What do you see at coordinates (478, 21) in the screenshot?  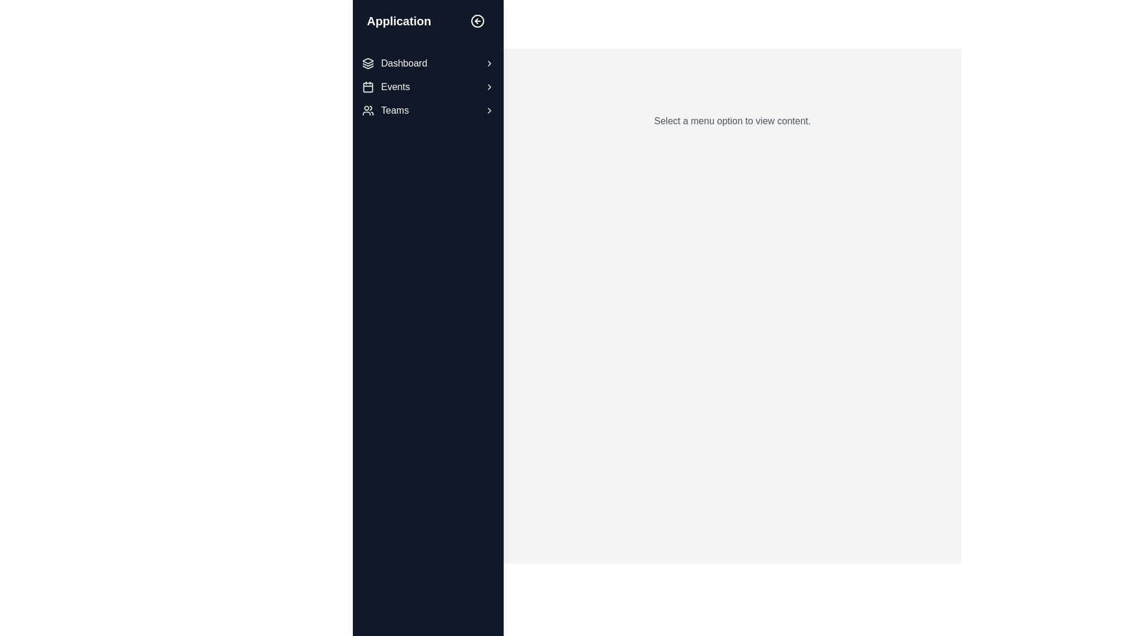 I see `the circular interactive icon with a light arrow pointing left, located in the upper toolbar of the left navigation panel, adjacent to the text label 'Application'` at bounding box center [478, 21].